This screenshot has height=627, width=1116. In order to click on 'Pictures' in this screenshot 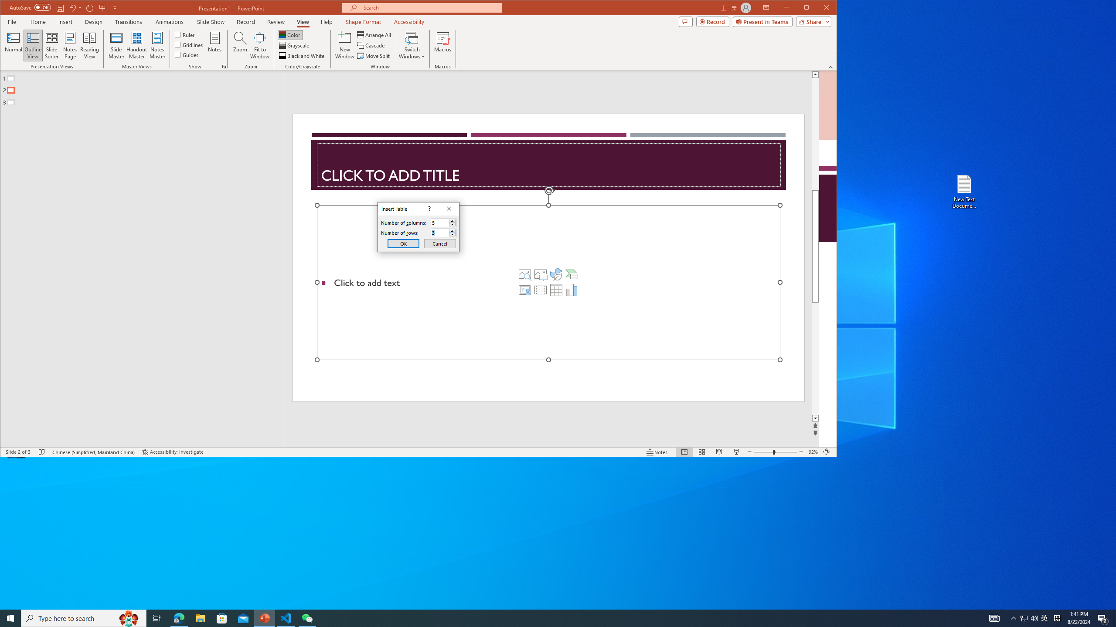, I will do `click(540, 274)`.